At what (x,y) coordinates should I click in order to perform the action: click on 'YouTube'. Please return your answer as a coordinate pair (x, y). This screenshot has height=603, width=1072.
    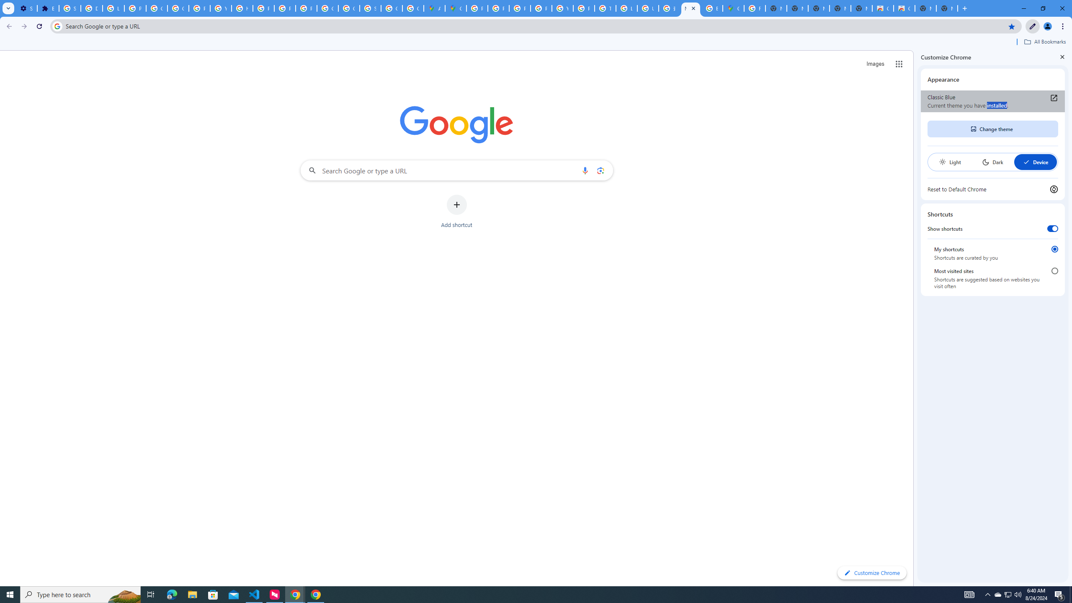
    Looking at the image, I should click on (562, 8).